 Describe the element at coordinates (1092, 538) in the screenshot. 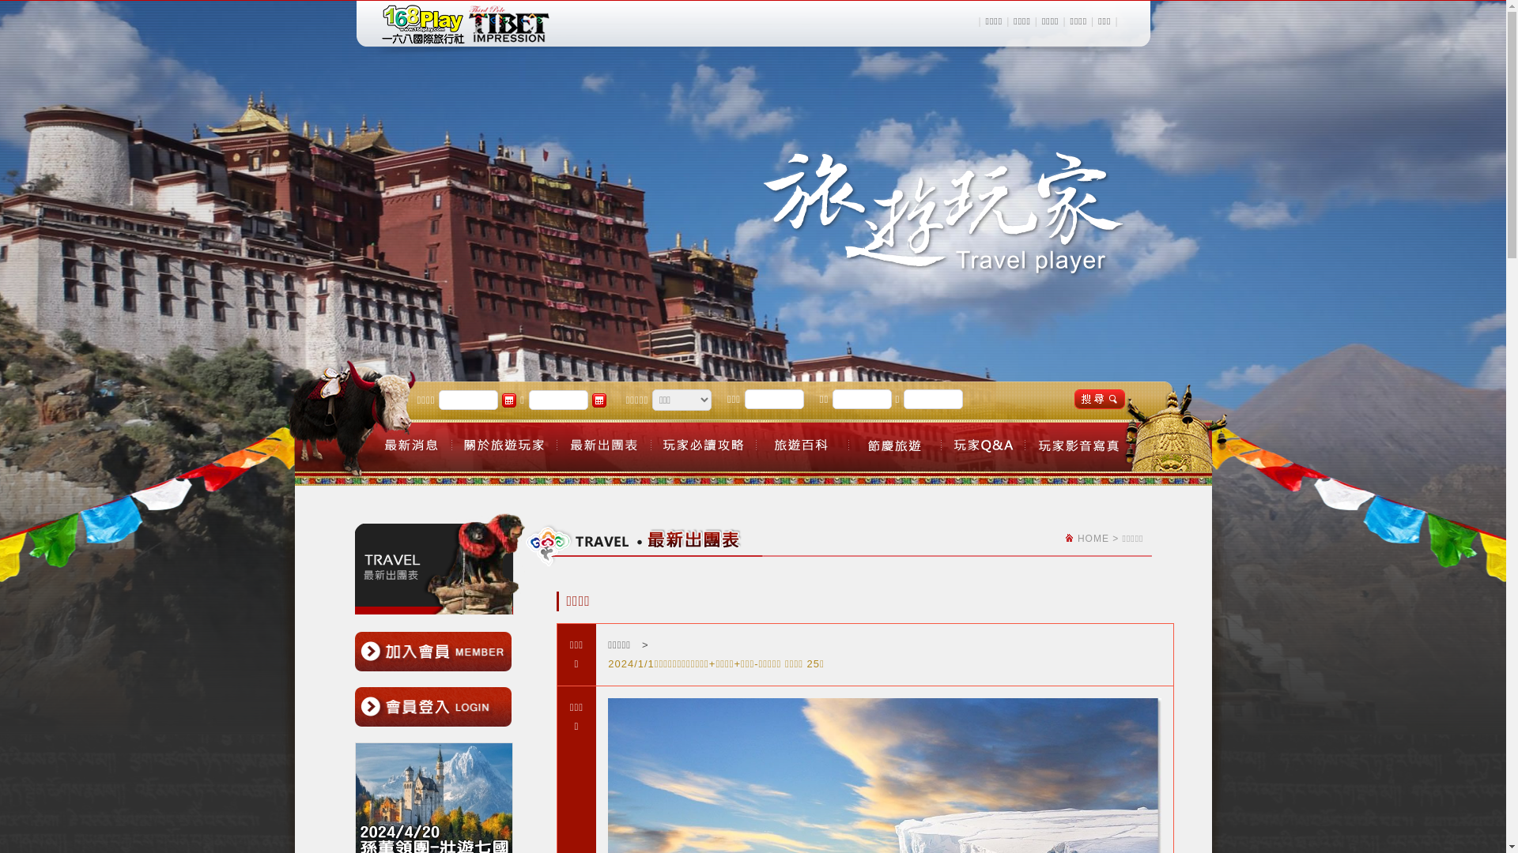

I see `'HOME'` at that location.